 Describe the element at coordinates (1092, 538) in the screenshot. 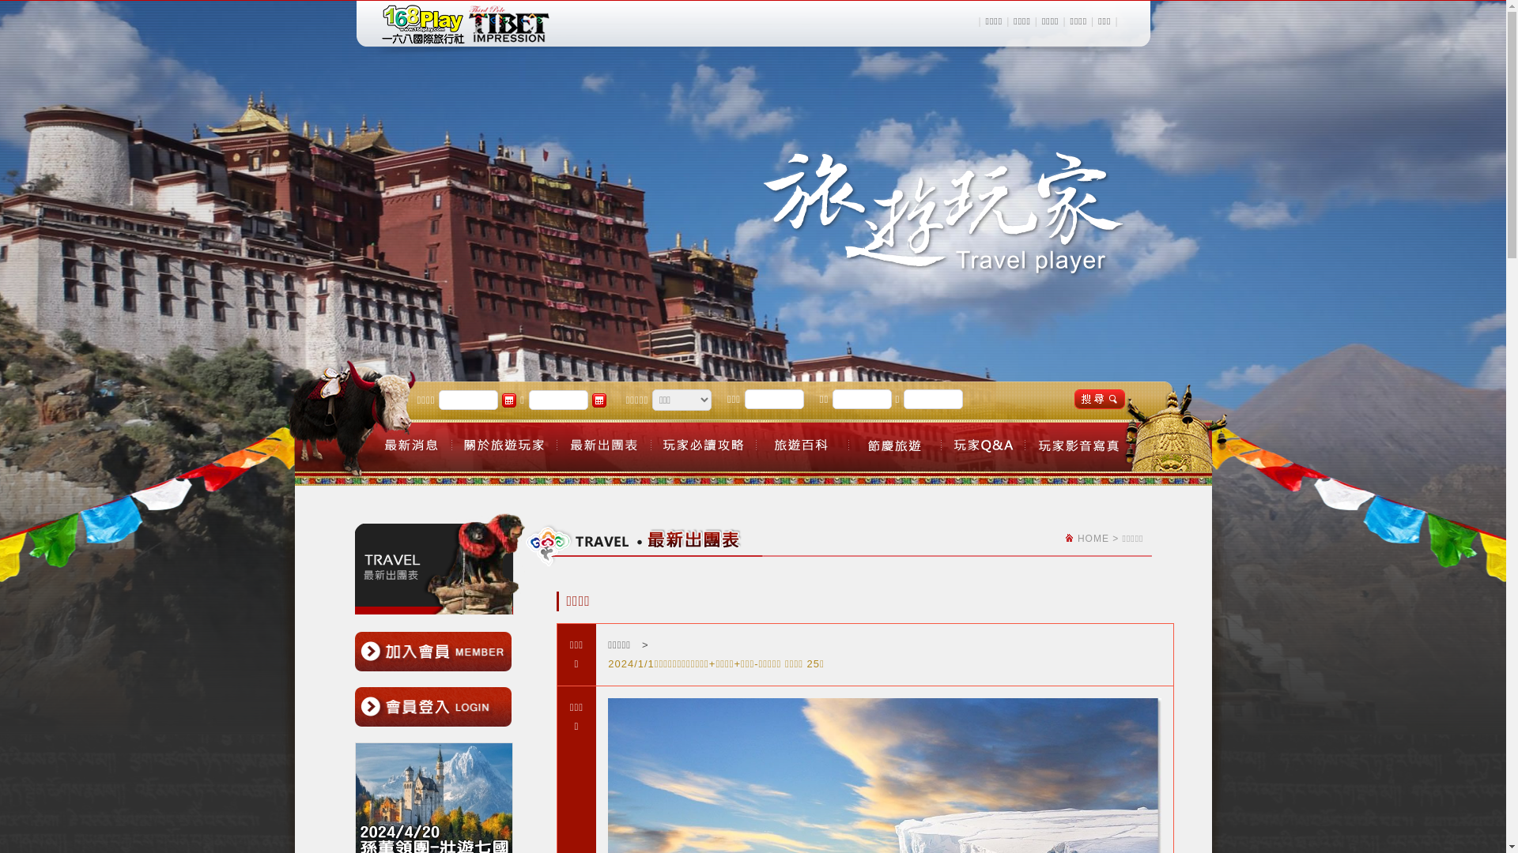

I see `'HOME'` at that location.